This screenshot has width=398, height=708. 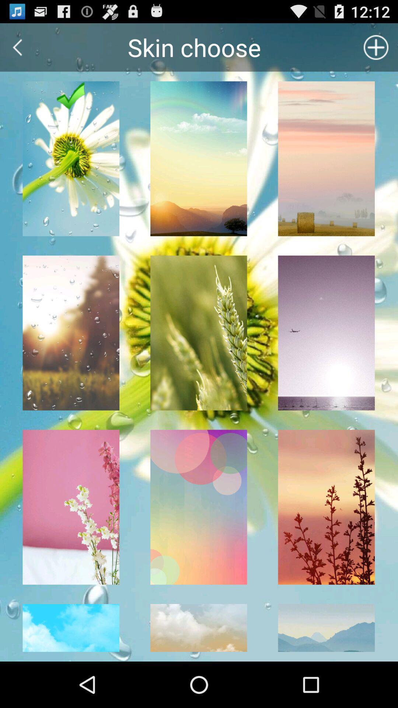 I want to click on the bottom right image, so click(x=326, y=632).